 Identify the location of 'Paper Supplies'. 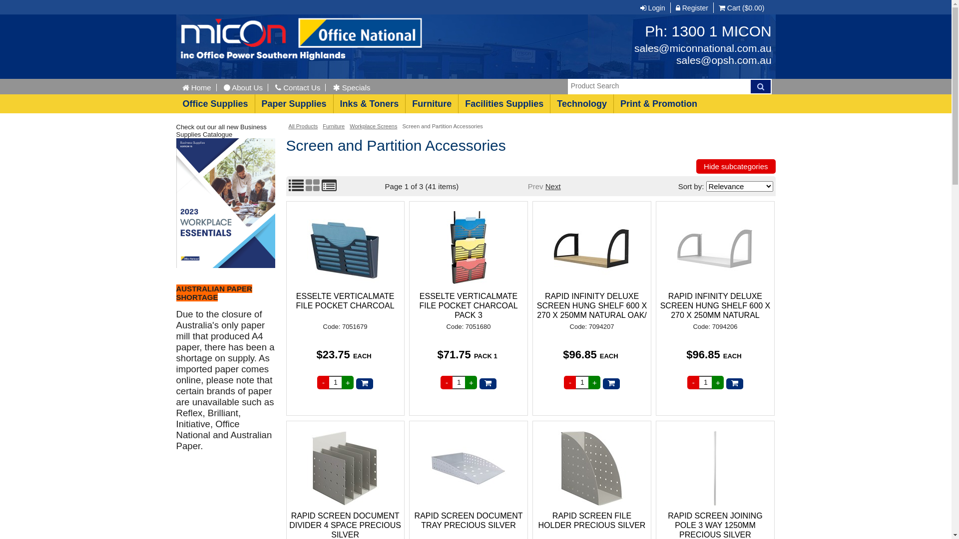
(293, 104).